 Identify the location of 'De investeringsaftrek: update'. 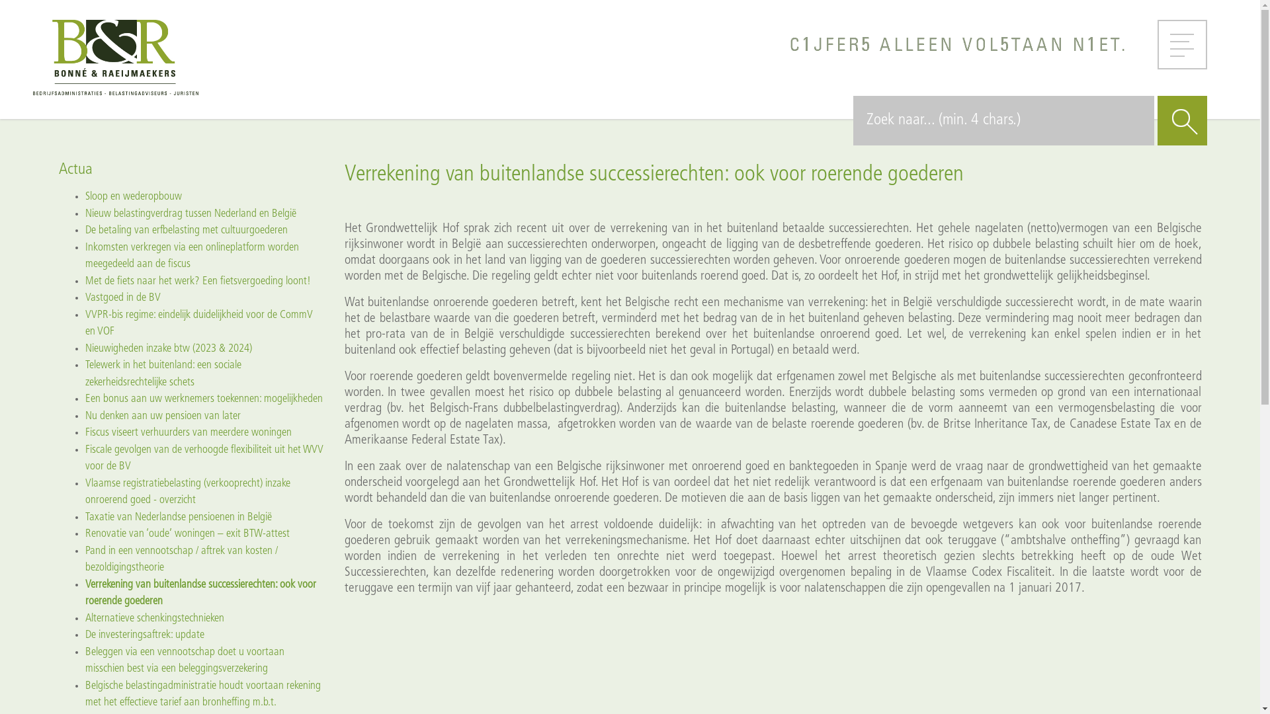
(144, 634).